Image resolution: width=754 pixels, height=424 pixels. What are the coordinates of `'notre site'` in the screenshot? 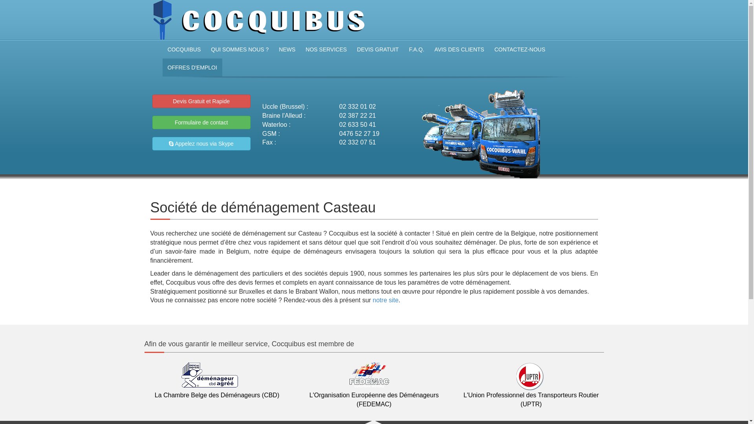 It's located at (386, 300).